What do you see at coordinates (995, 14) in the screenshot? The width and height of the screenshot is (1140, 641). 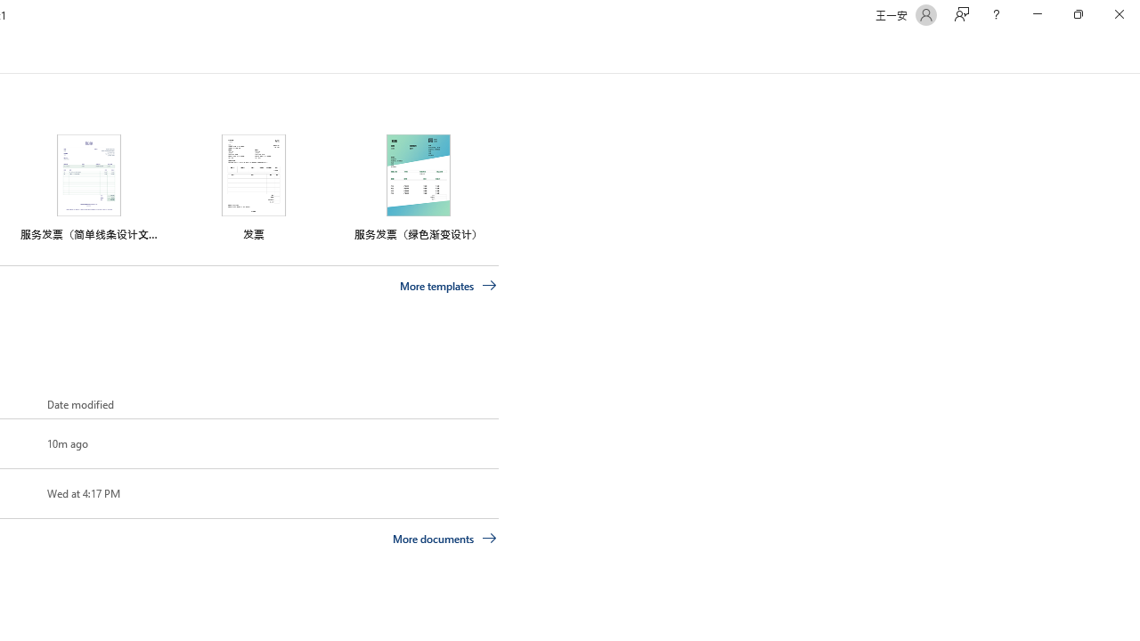 I see `'Help'` at bounding box center [995, 14].